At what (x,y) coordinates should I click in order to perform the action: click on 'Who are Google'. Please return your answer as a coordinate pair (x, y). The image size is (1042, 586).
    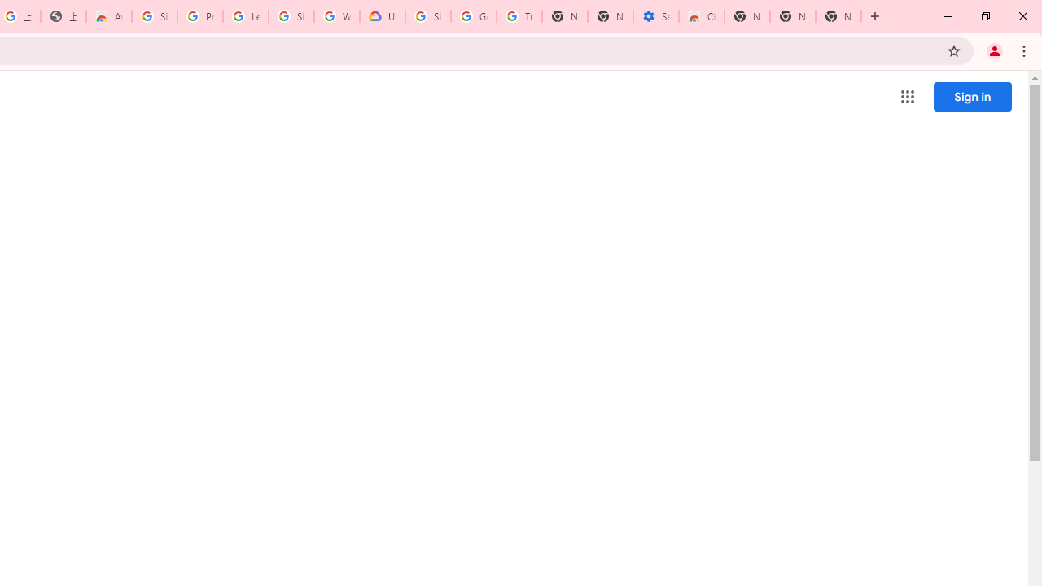
    Looking at the image, I should click on (336, 16).